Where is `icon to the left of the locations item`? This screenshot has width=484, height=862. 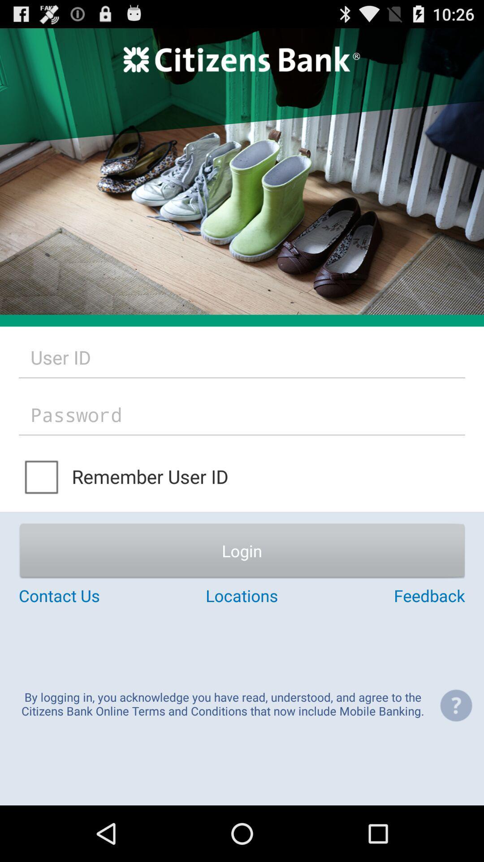 icon to the left of the locations item is located at coordinates (93, 595).